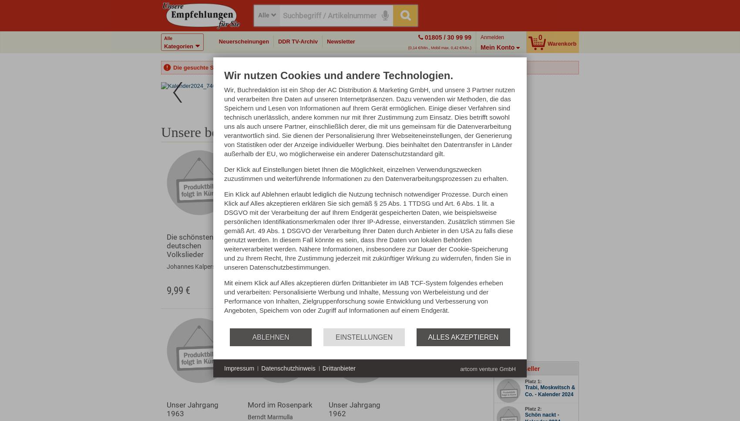 This screenshot has width=740, height=421. I want to click on 'Trabi, Moskwitsch & Co. - Kalender 2024', so click(549, 391).